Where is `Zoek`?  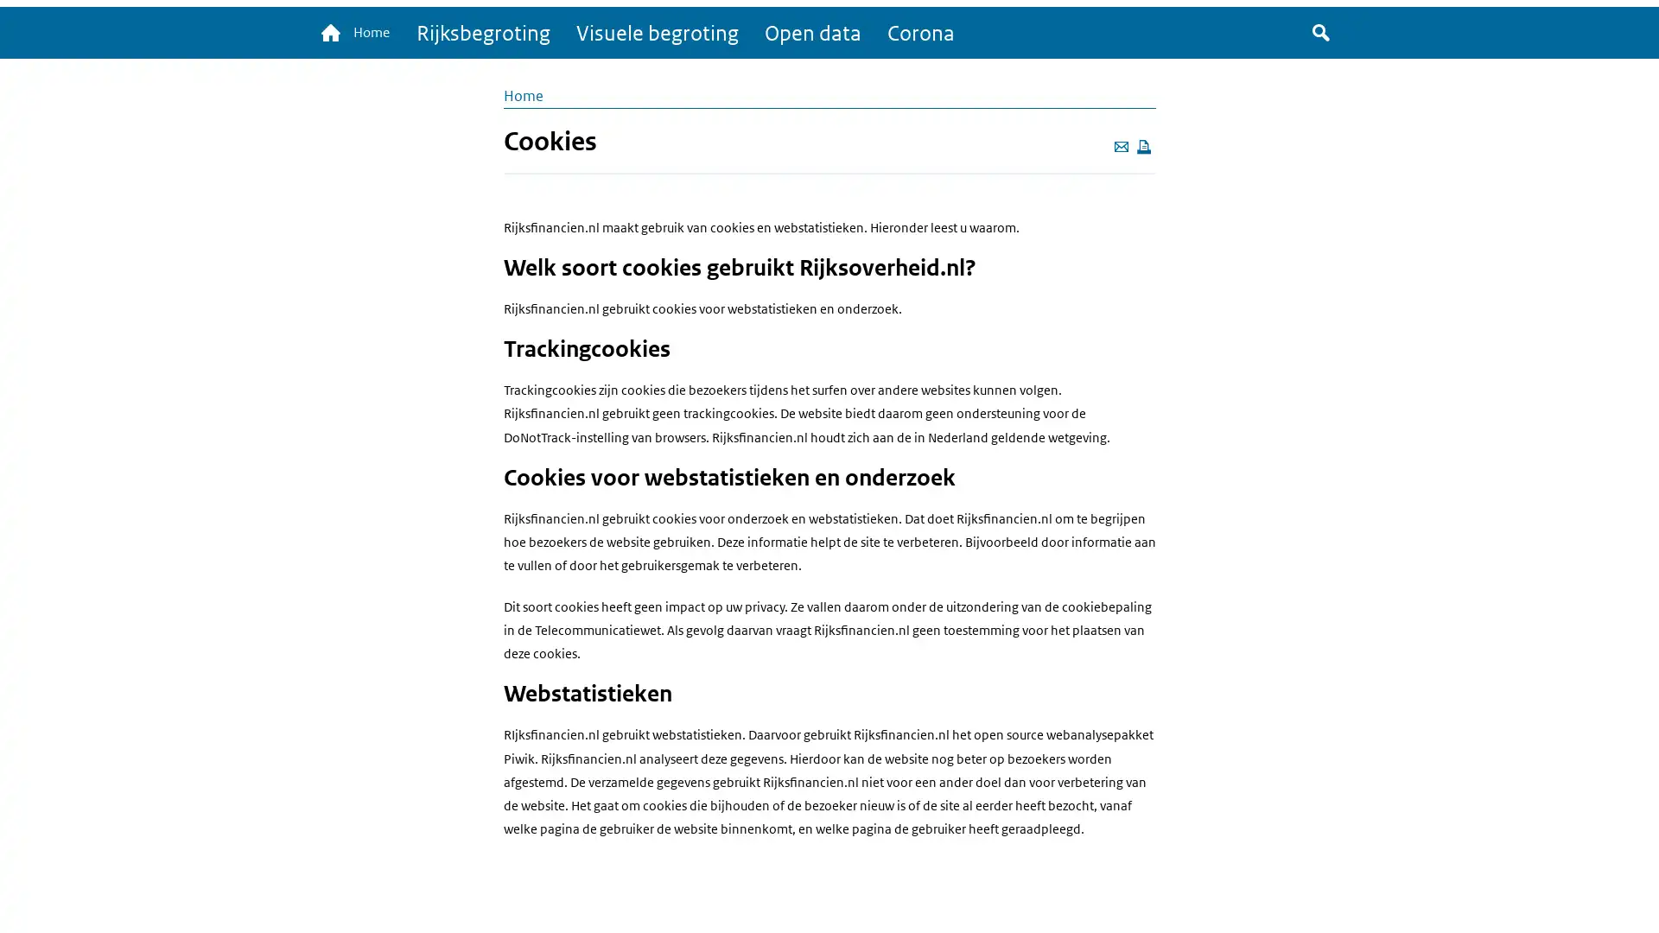 Zoek is located at coordinates (1320, 34).